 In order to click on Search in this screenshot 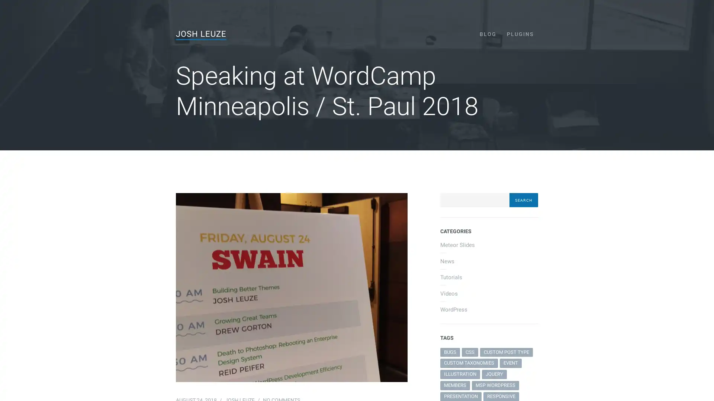, I will do `click(523, 200)`.